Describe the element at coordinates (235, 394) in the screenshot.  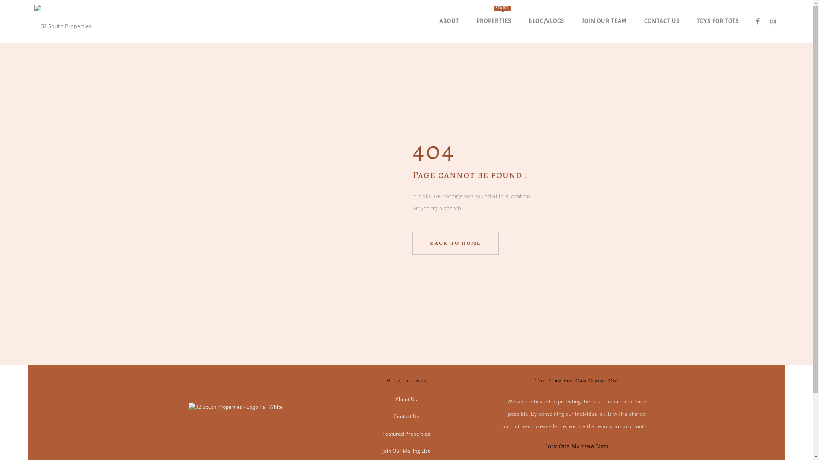
I see `'32 South Properties - Logo Tall White'` at that location.